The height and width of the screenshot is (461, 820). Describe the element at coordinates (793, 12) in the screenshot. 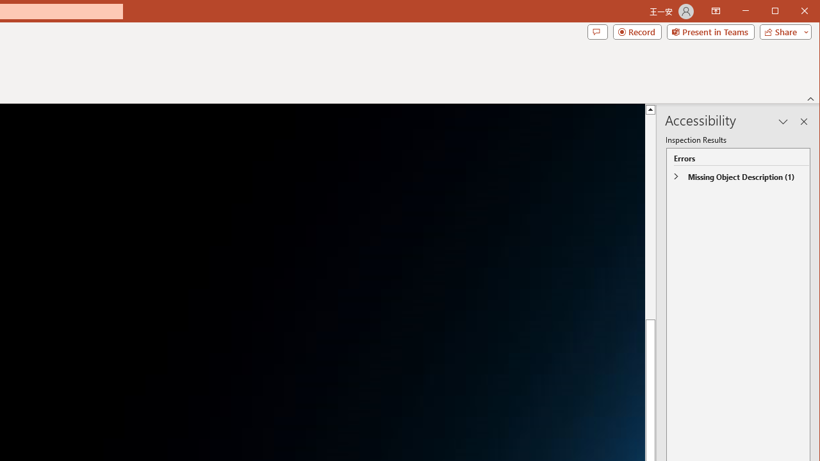

I see `'Maximize'` at that location.